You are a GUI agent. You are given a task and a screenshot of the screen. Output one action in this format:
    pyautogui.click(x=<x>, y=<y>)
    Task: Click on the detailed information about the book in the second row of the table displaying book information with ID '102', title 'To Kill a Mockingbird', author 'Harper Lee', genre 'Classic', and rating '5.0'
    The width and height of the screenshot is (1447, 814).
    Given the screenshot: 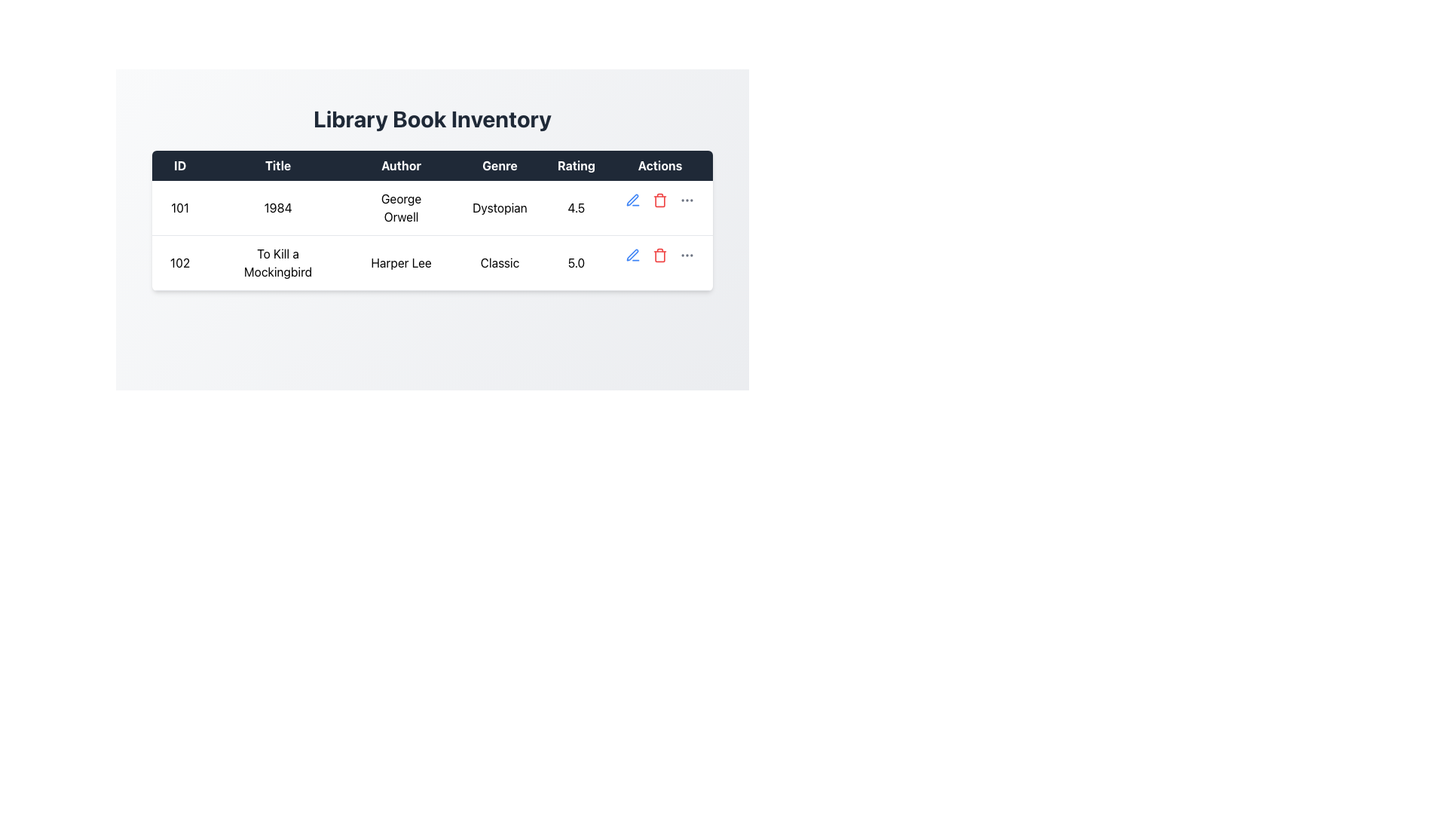 What is the action you would take?
    pyautogui.click(x=432, y=262)
    